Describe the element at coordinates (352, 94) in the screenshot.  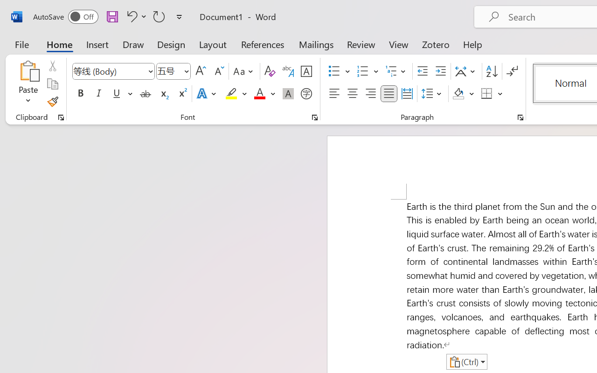
I see `'Center'` at that location.